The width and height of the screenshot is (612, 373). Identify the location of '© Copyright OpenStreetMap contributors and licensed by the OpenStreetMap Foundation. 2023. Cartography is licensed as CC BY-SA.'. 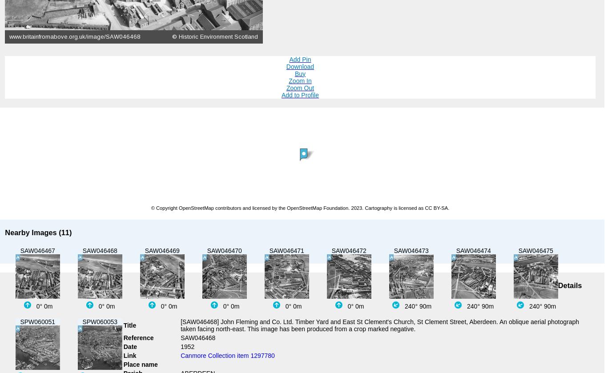
(300, 207).